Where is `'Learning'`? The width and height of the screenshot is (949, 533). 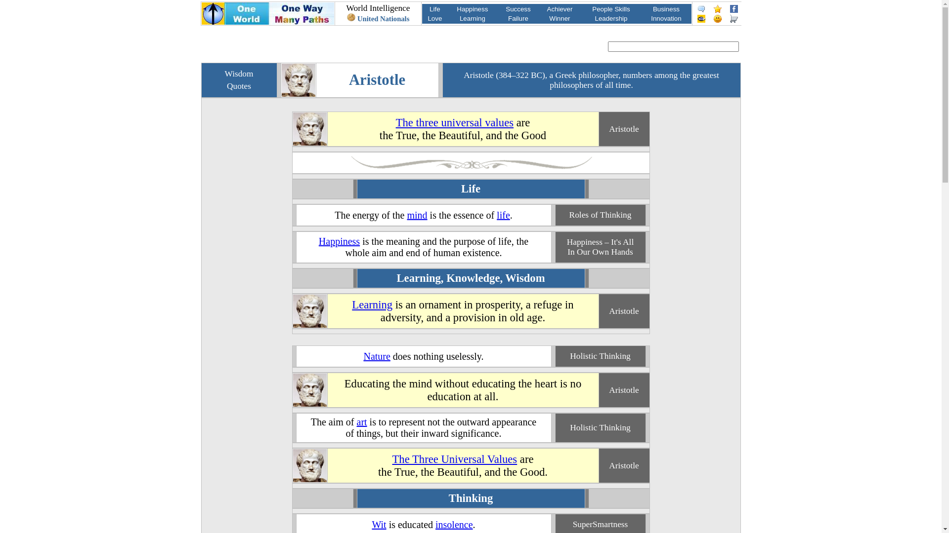
'Learning' is located at coordinates (351, 304).